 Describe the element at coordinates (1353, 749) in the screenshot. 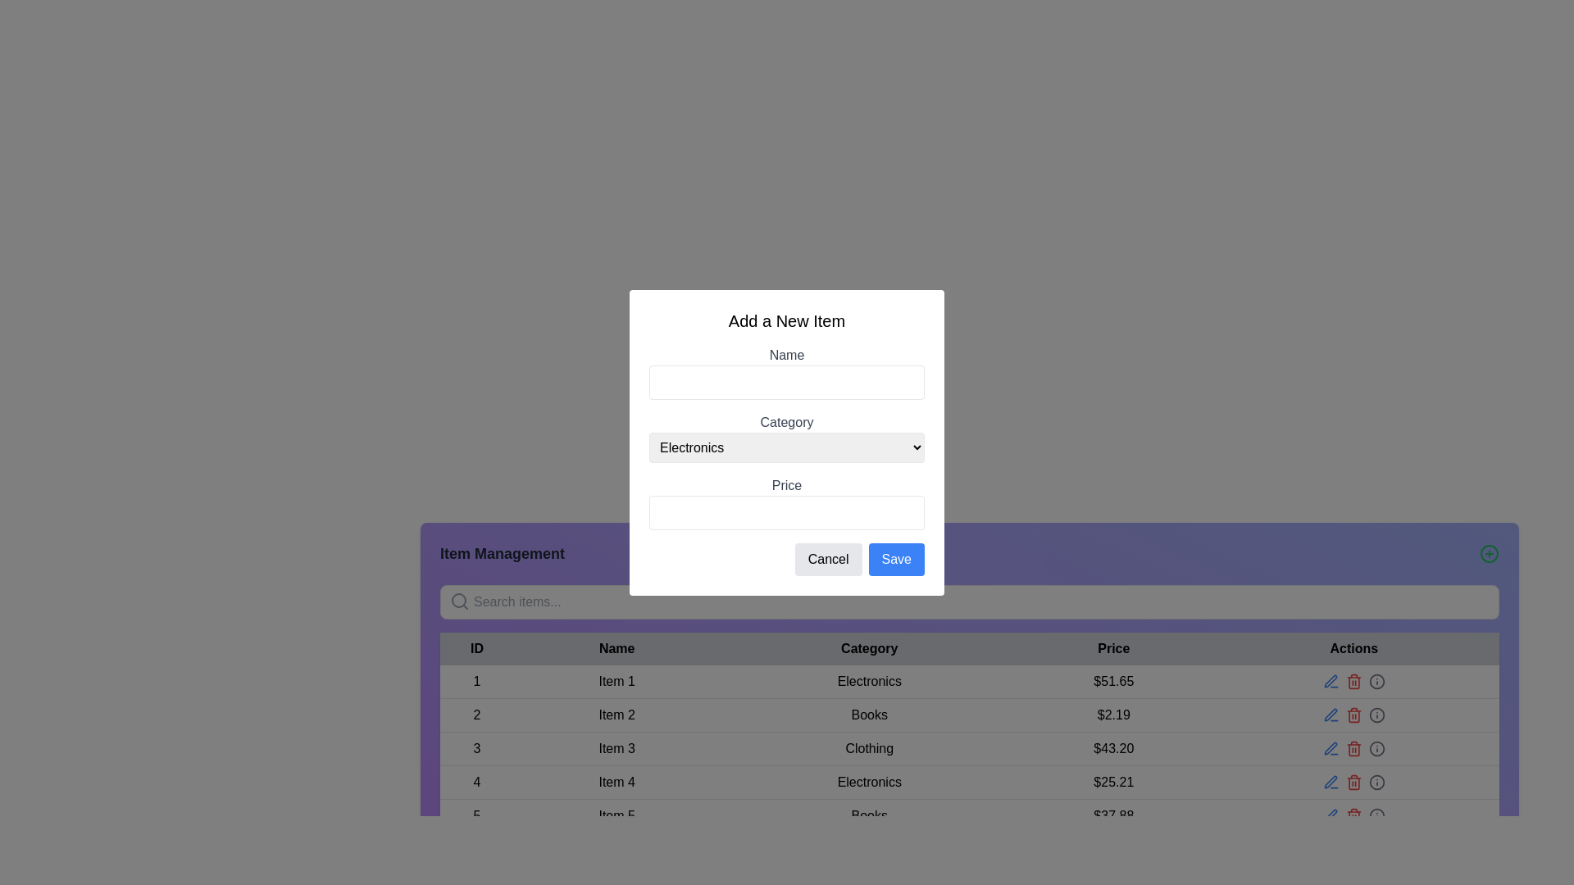

I see `the delete button in the 'Actions' column of the table row labeled '3', 'Item 3', 'Clothing', '$43.20'` at that location.